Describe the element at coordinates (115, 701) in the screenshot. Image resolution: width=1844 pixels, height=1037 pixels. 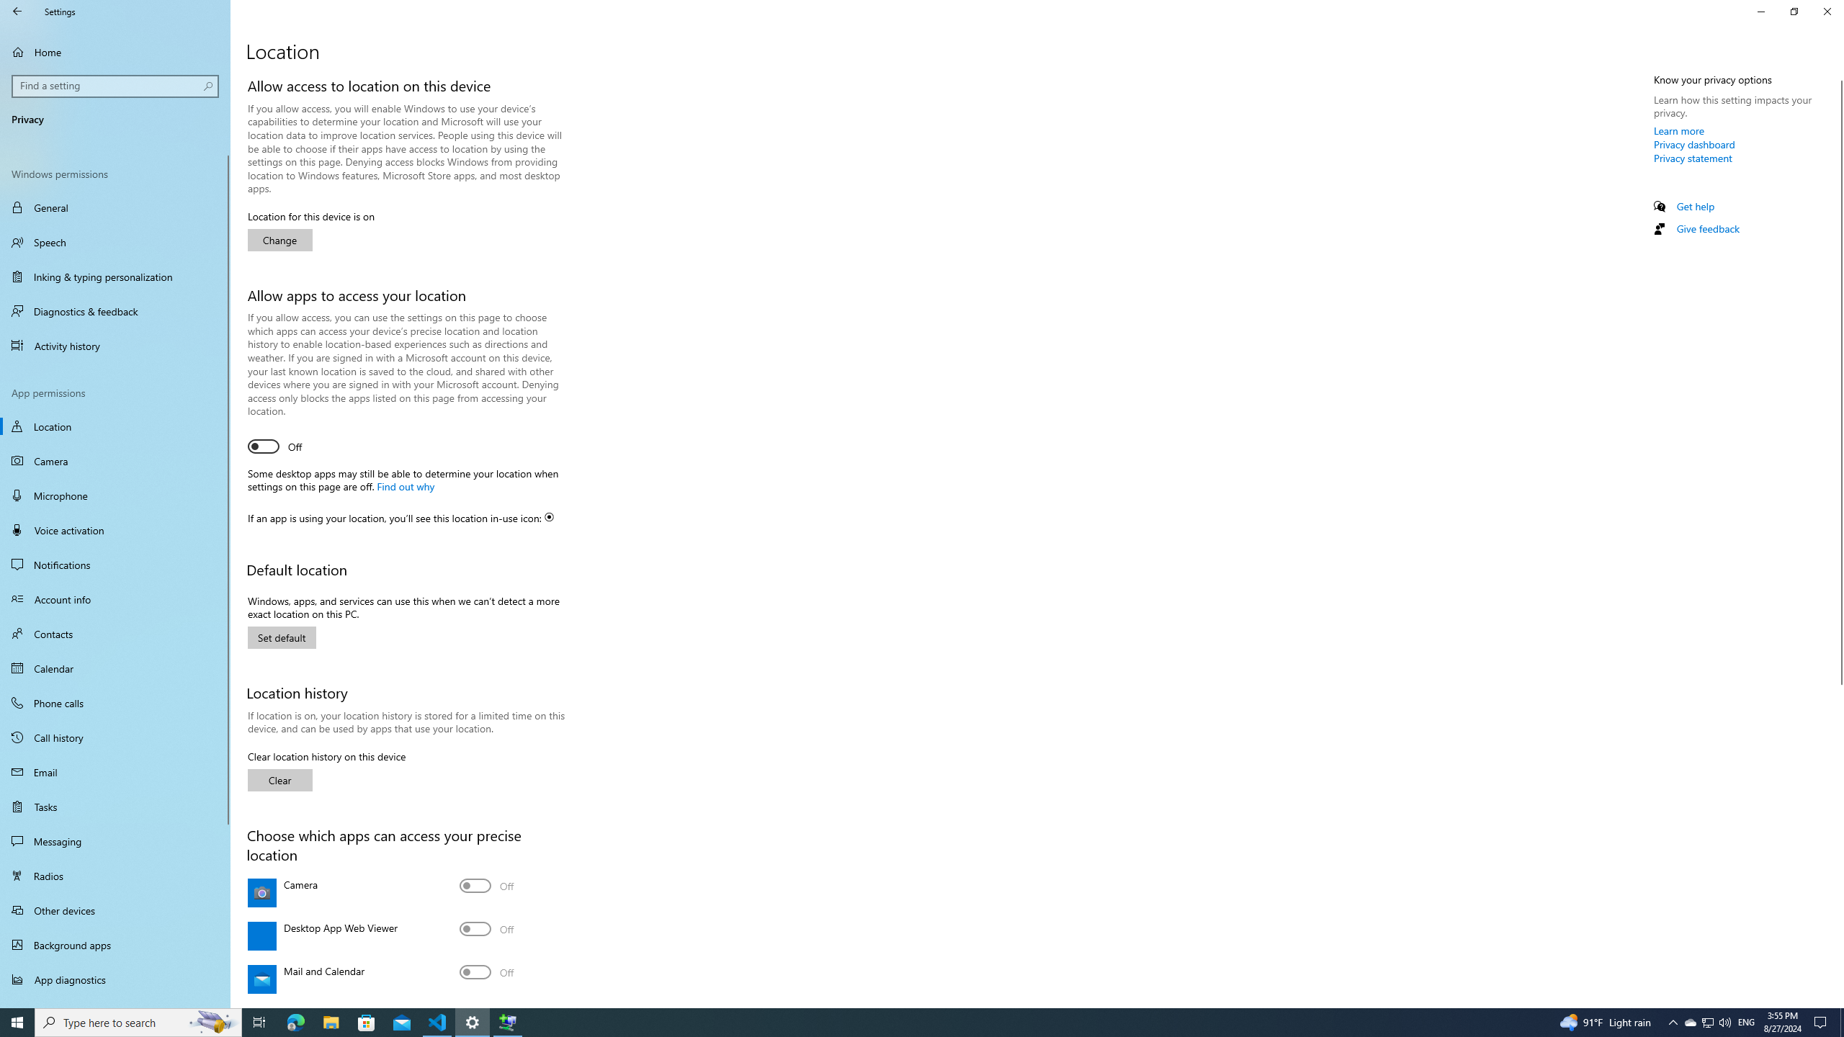
I see `'Phone calls'` at that location.